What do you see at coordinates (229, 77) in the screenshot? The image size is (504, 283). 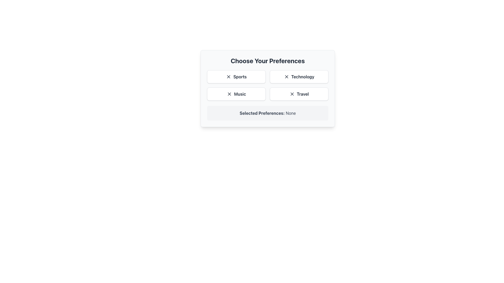 I see `the small 'X' icon located to the left of the 'Sports' button in the top-left corner among the group of four selectable buttons` at bounding box center [229, 77].